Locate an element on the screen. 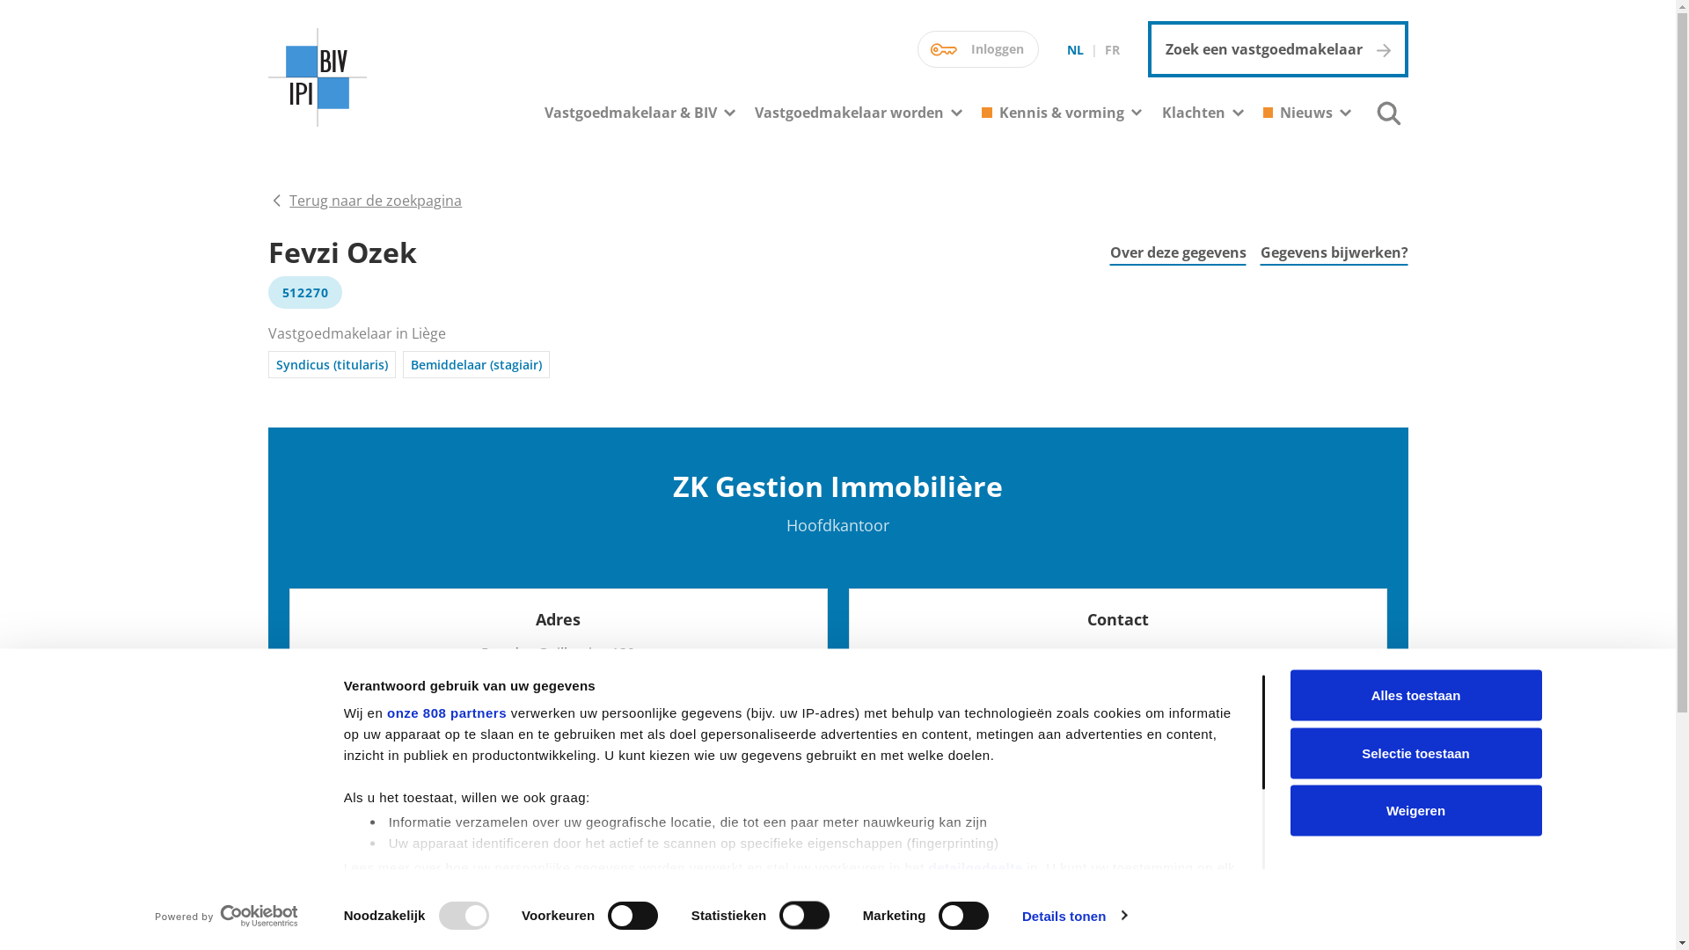  'Vastgoedmakelaar worden' is located at coordinates (849, 112).